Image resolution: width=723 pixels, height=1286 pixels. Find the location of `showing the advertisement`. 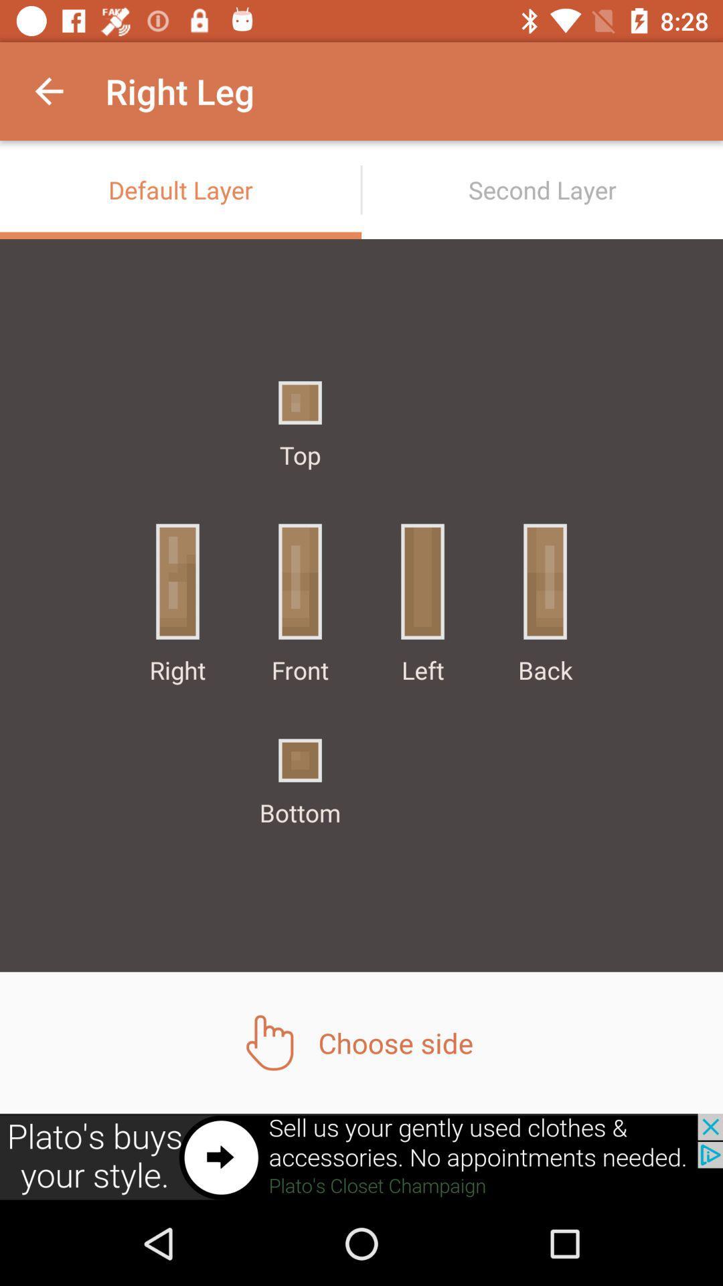

showing the advertisement is located at coordinates (361, 1157).